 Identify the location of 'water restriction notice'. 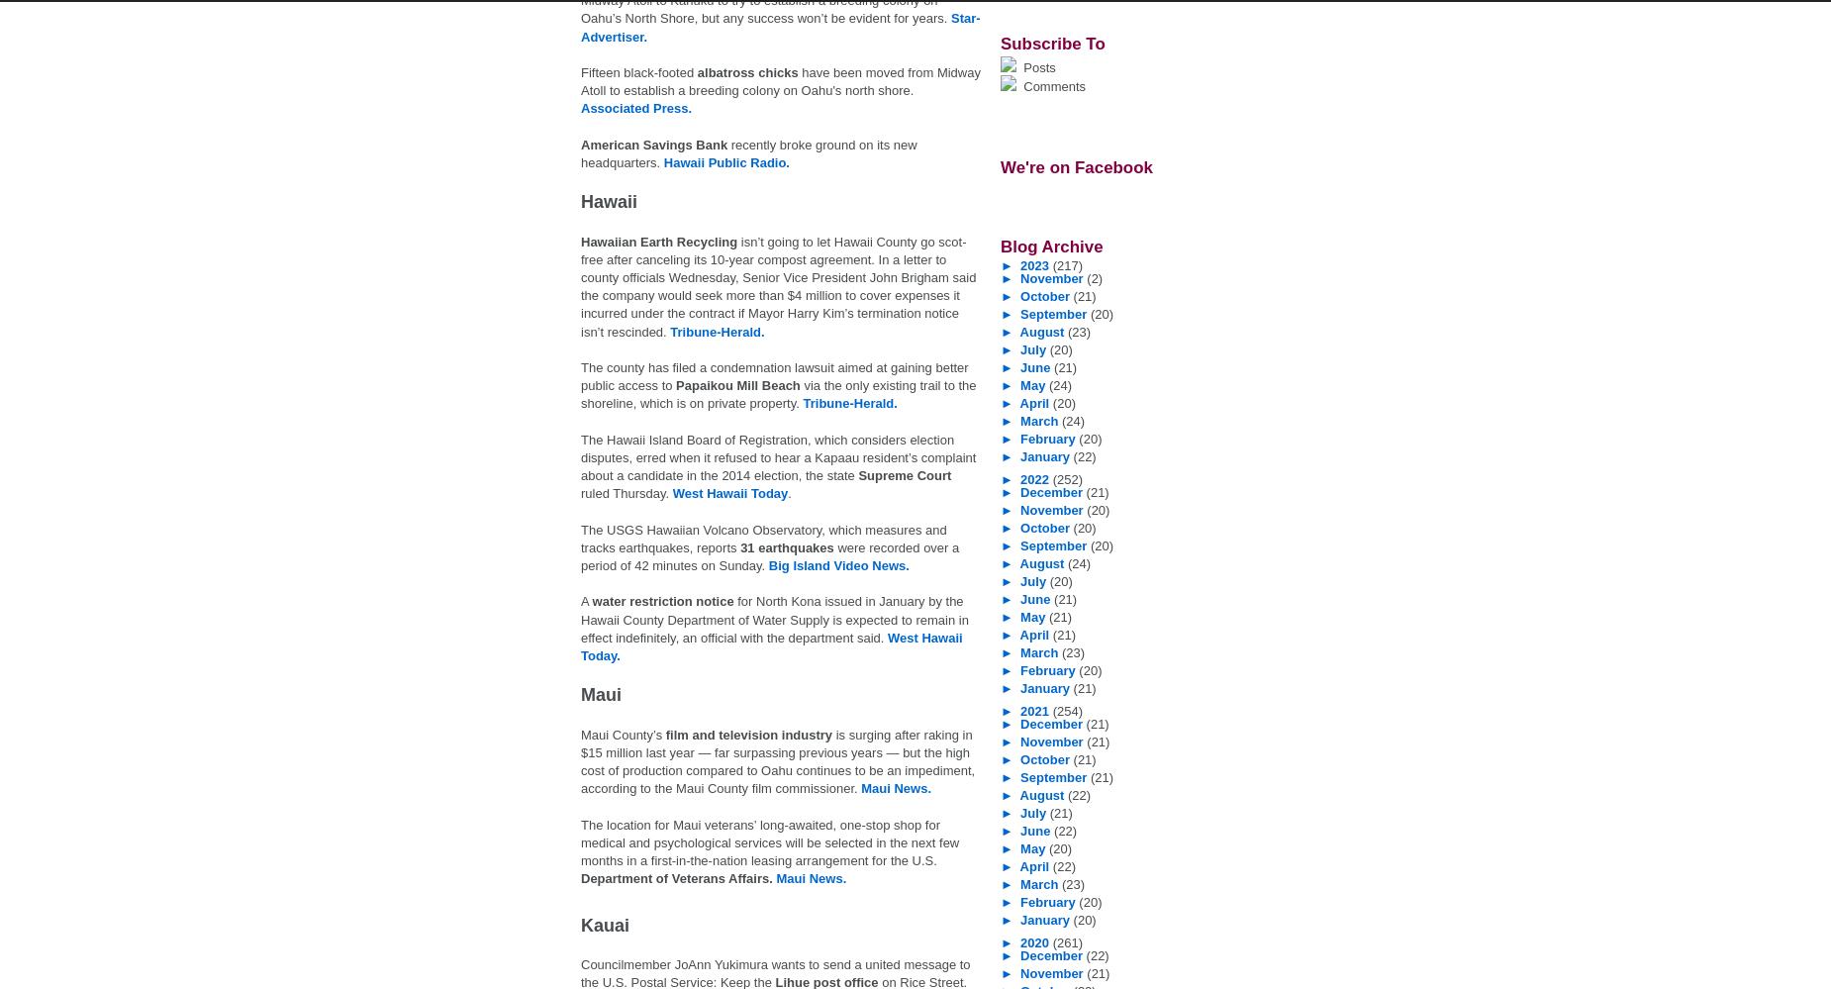
(591, 601).